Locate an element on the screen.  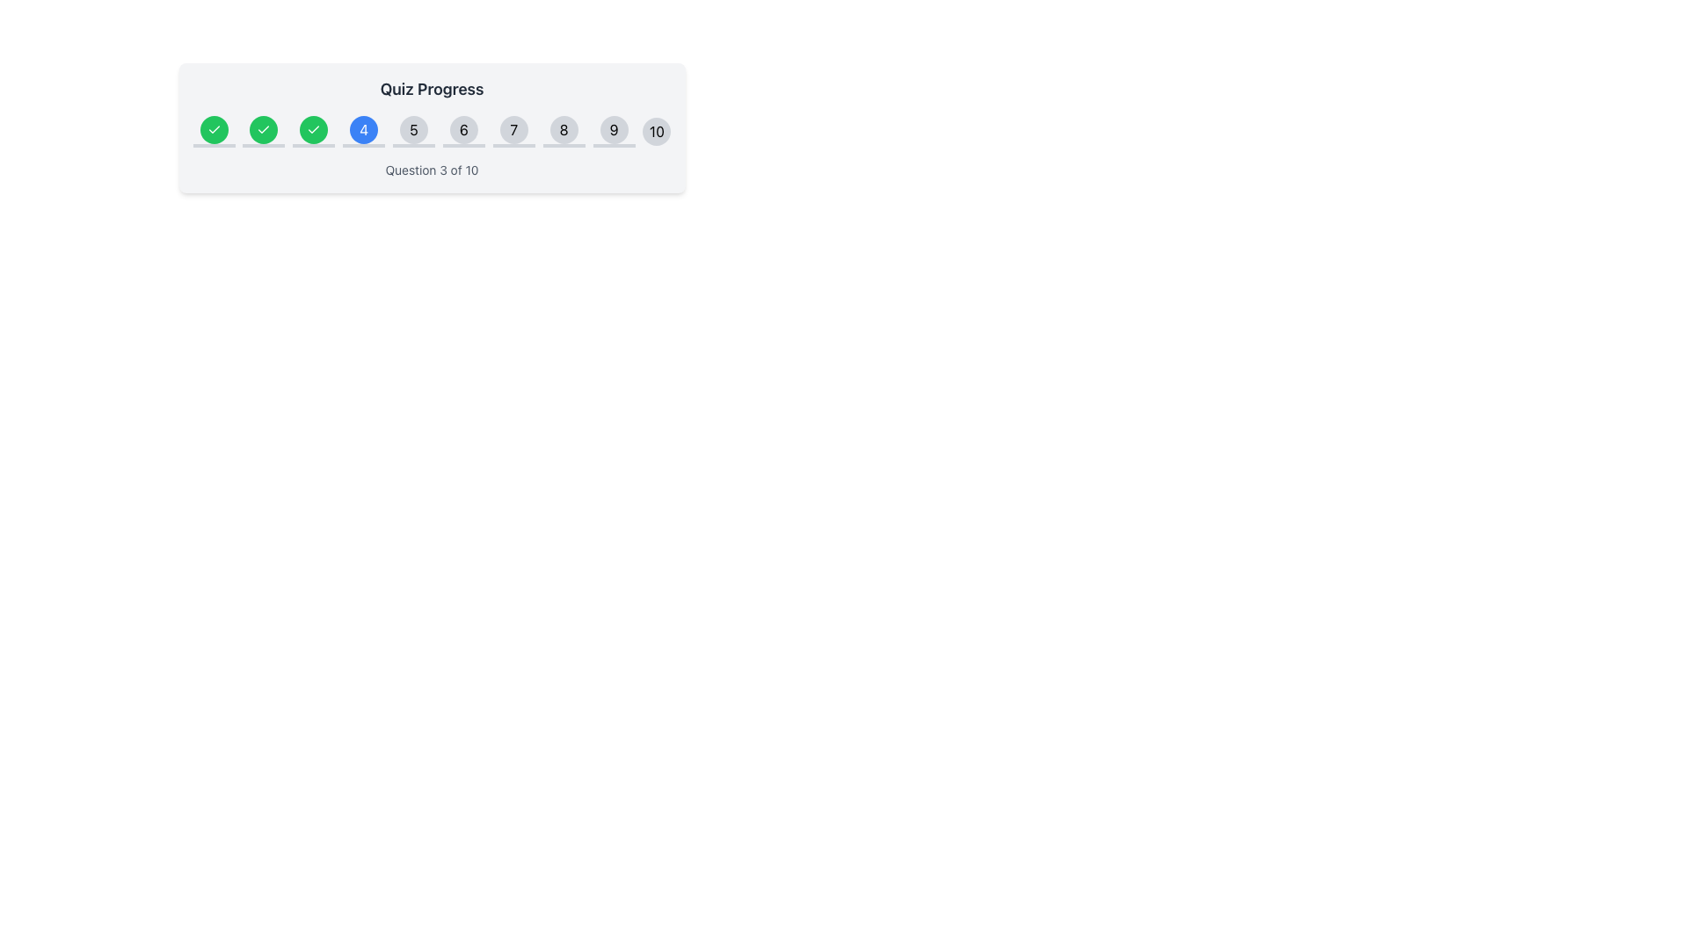
the first circular step indicator icon in the 'Quiz Progress' bar, which has a green background and a white checkmark is located at coordinates (213, 131).